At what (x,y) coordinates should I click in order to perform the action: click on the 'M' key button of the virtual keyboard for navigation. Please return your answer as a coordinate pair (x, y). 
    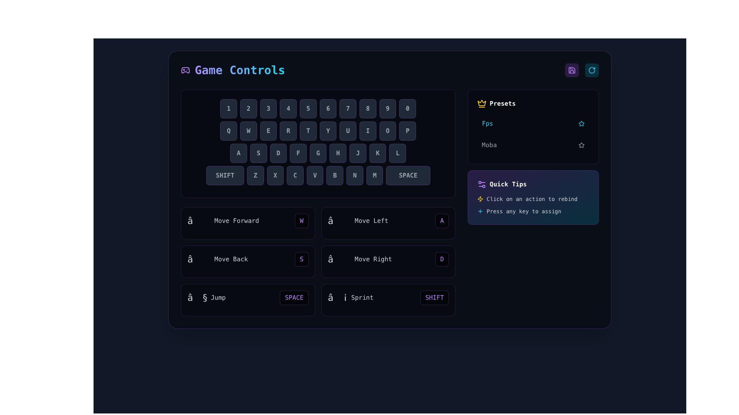
    Looking at the image, I should click on (375, 175).